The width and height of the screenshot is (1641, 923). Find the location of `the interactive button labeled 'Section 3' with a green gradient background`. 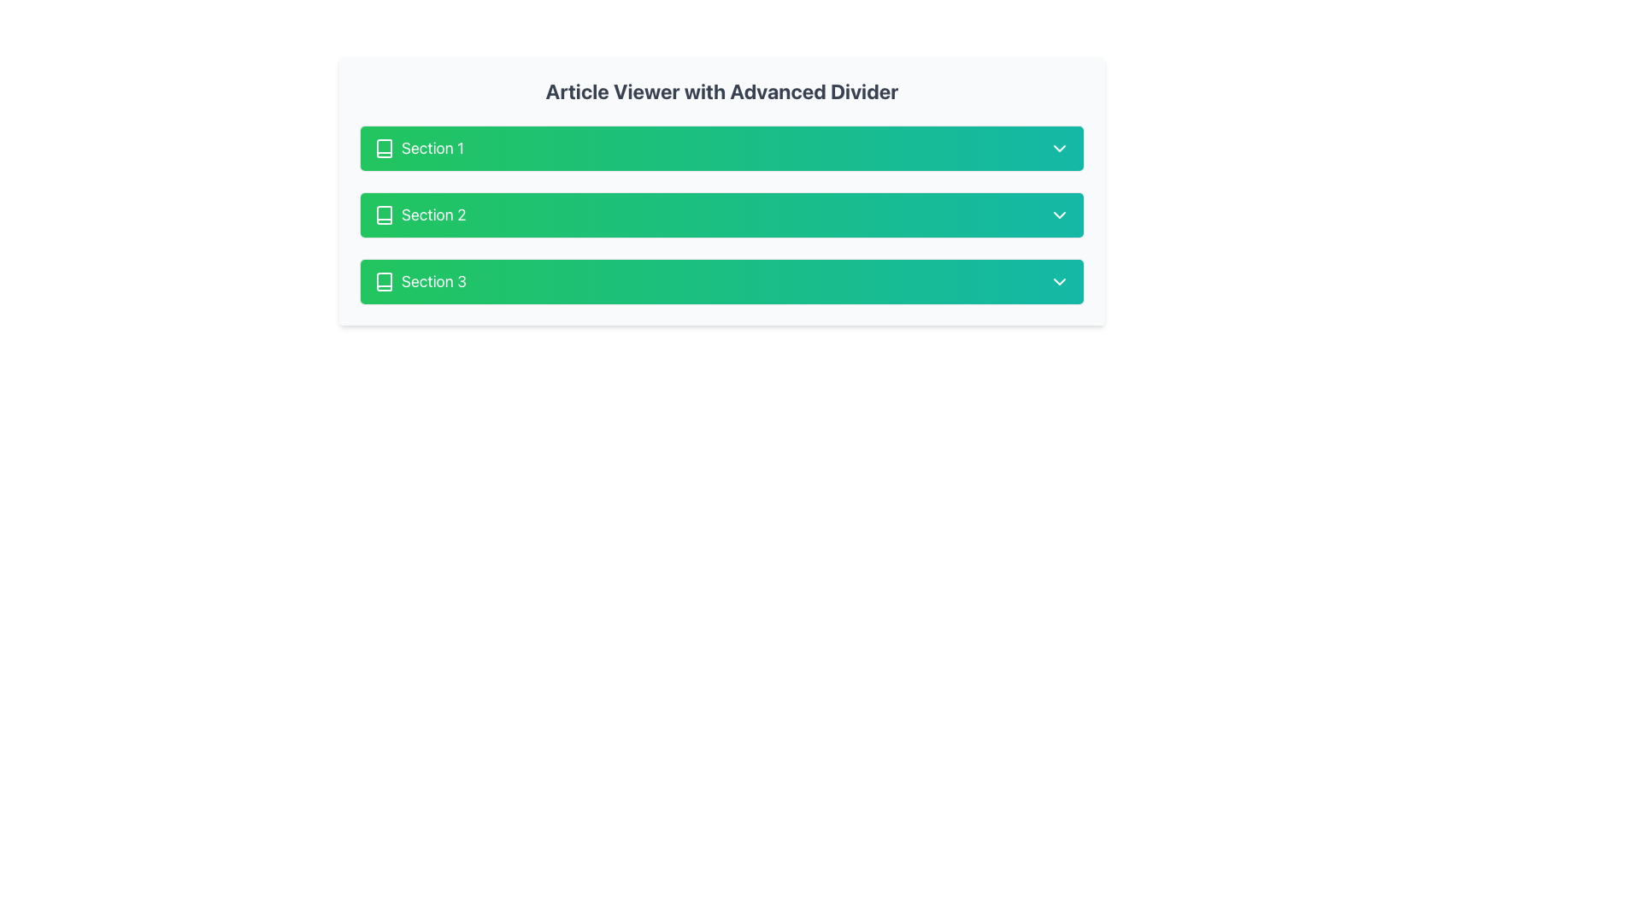

the interactive button labeled 'Section 3' with a green gradient background is located at coordinates (721, 281).